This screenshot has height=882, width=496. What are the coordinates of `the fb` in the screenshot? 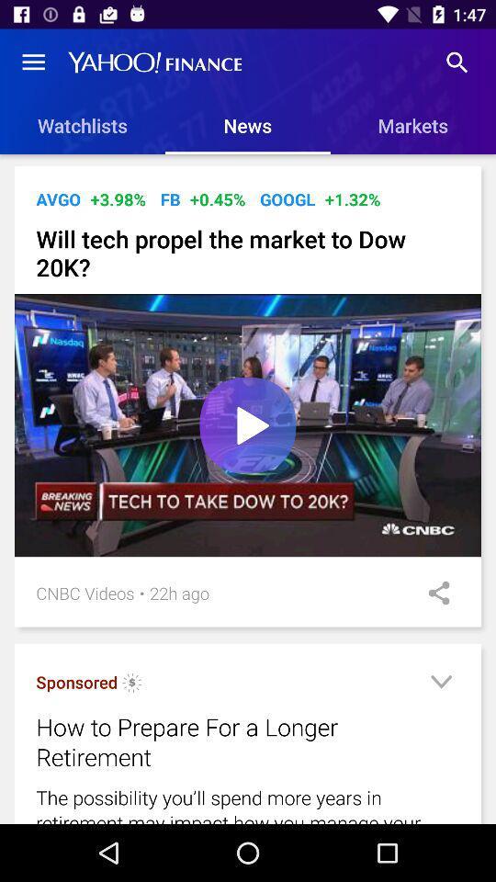 It's located at (170, 199).